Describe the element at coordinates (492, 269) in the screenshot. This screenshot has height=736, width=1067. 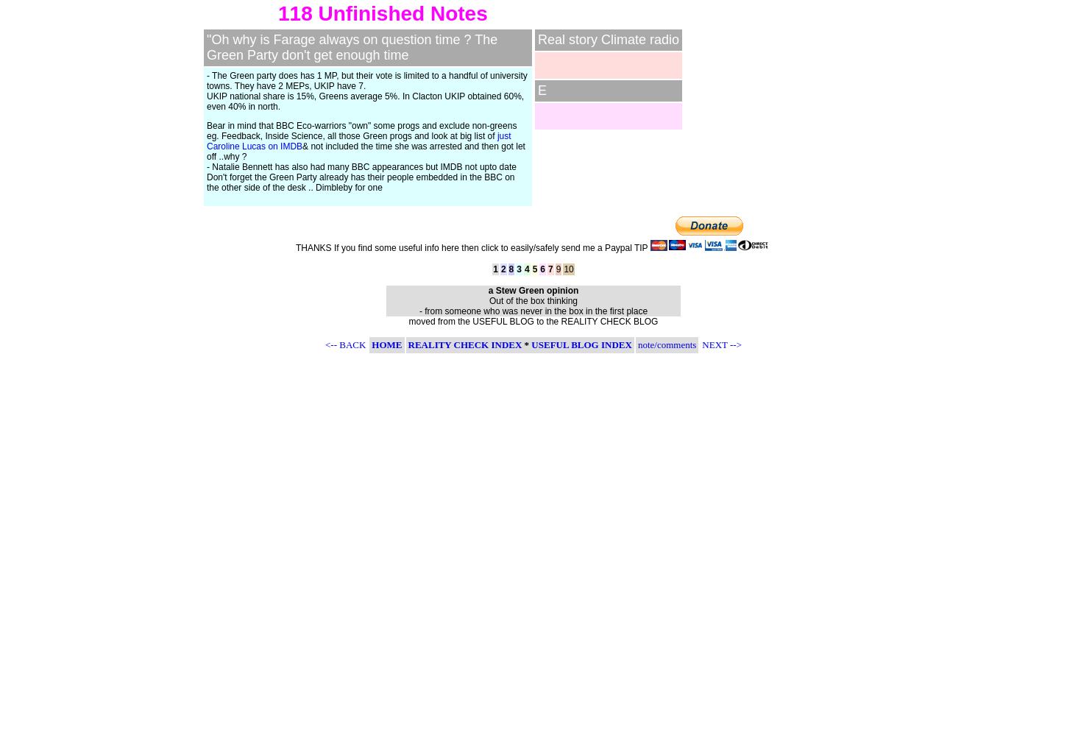
I see `'1'` at that location.